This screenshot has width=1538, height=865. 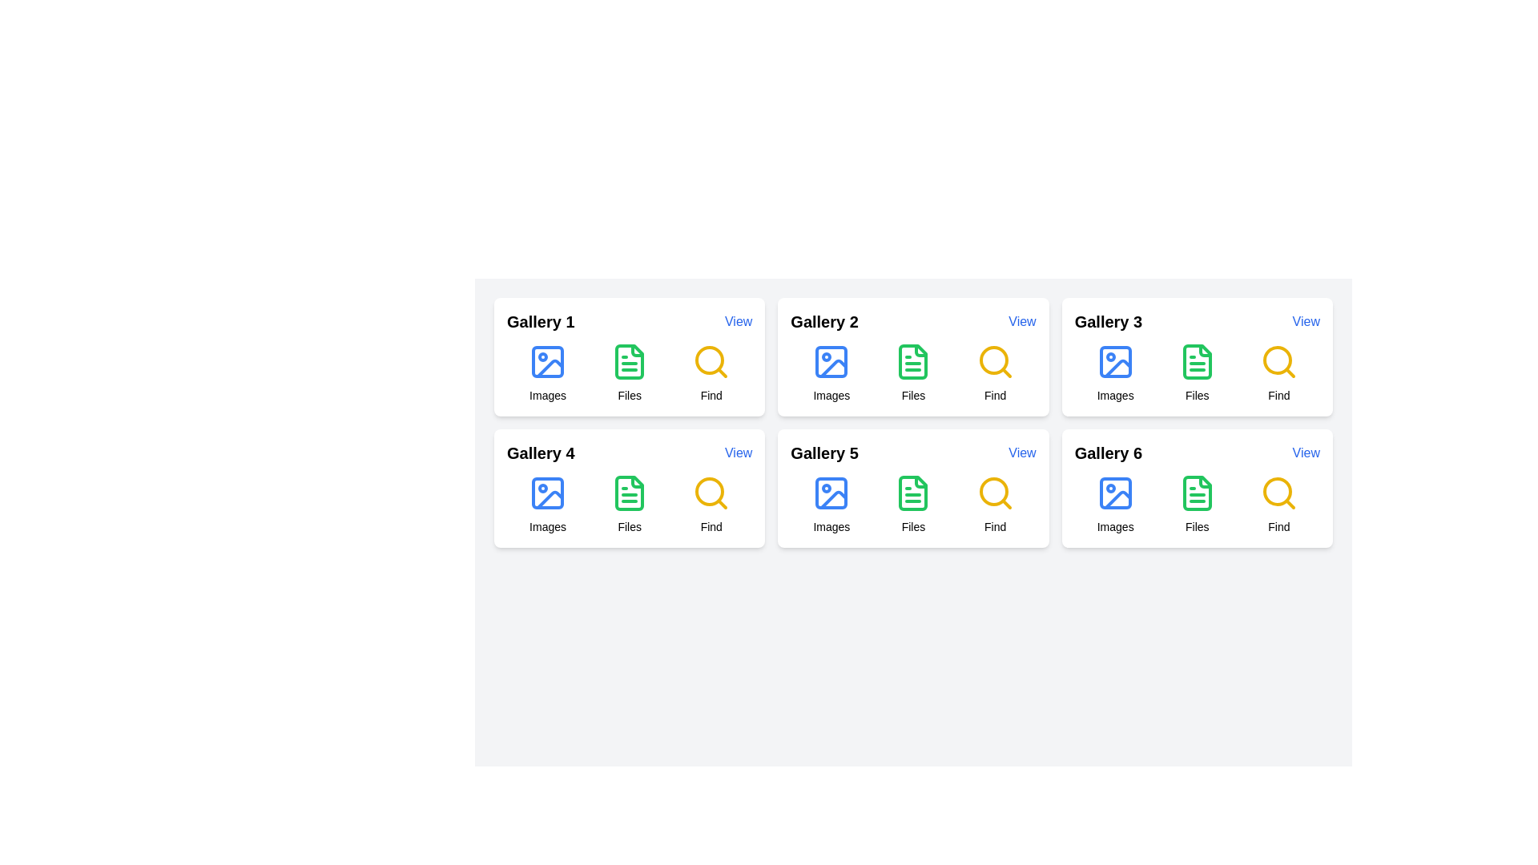 I want to click on the search icon button in 'Gallery 1', so click(x=711, y=361).